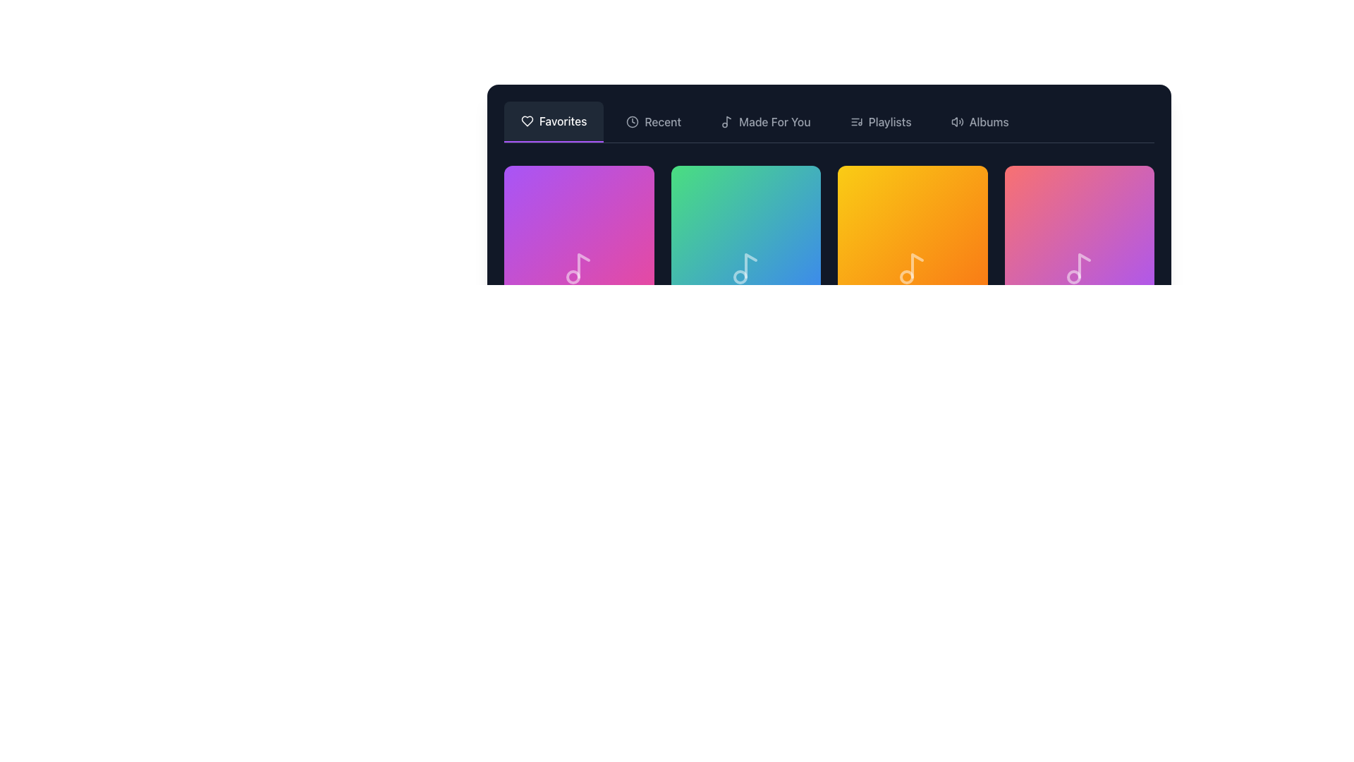  I want to click on the text label in the navigation bar, positioned between 'Recent' and 'Playlists', so click(774, 121).